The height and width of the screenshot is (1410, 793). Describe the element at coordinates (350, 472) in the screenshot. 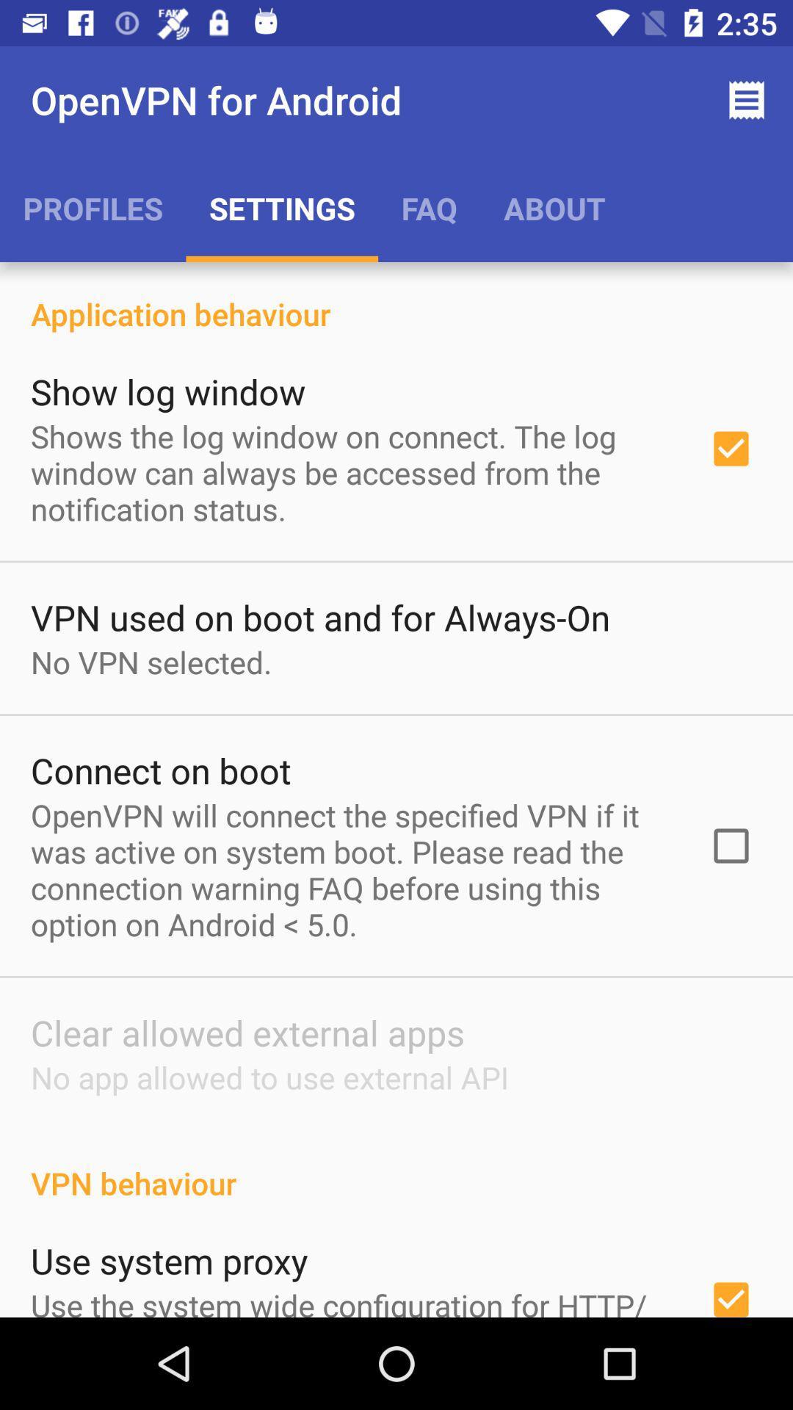

I see `the shows the log icon` at that location.